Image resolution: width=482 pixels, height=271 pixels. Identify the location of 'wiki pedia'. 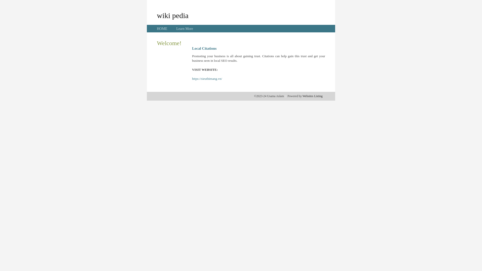
(172, 15).